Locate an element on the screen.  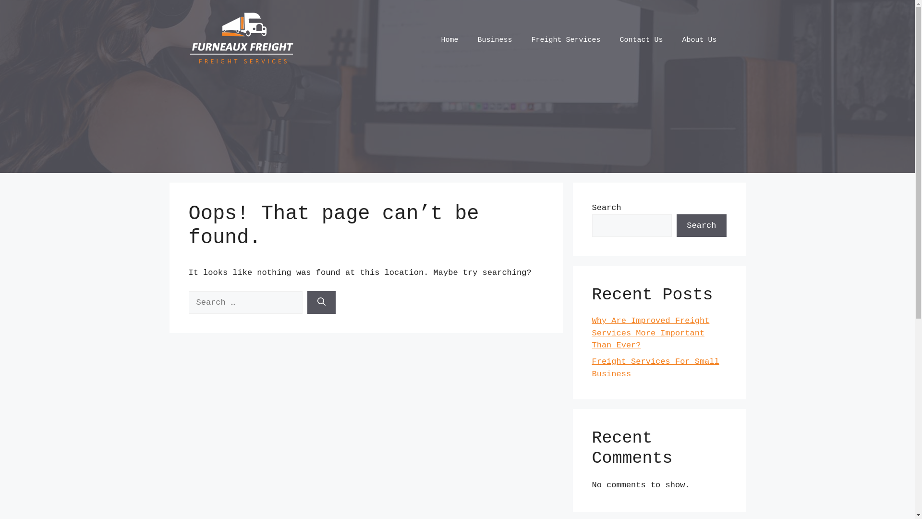
'Home' is located at coordinates (449, 40).